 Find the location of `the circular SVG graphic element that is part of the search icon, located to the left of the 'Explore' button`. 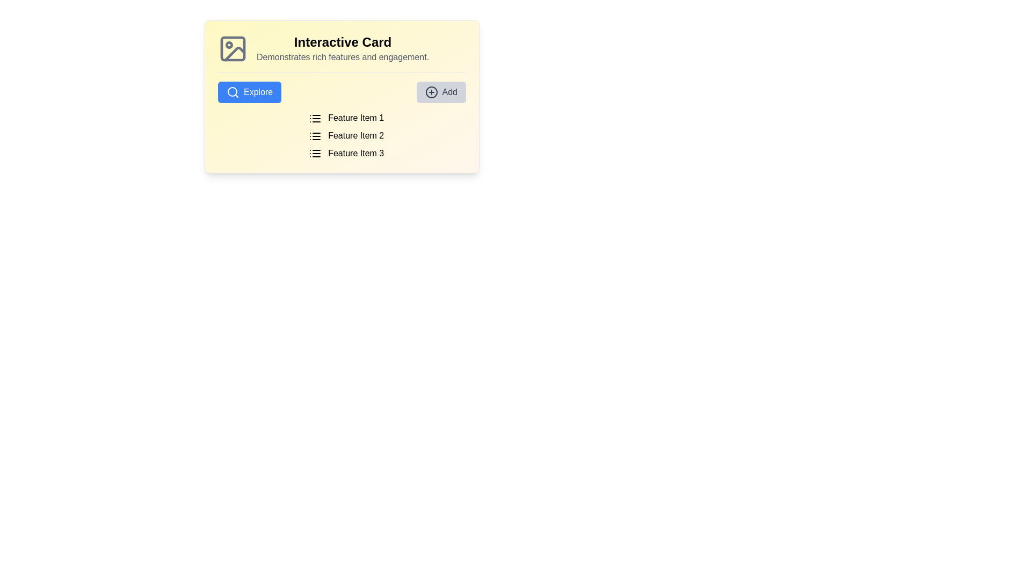

the circular SVG graphic element that is part of the search icon, located to the left of the 'Explore' button is located at coordinates (231, 91).